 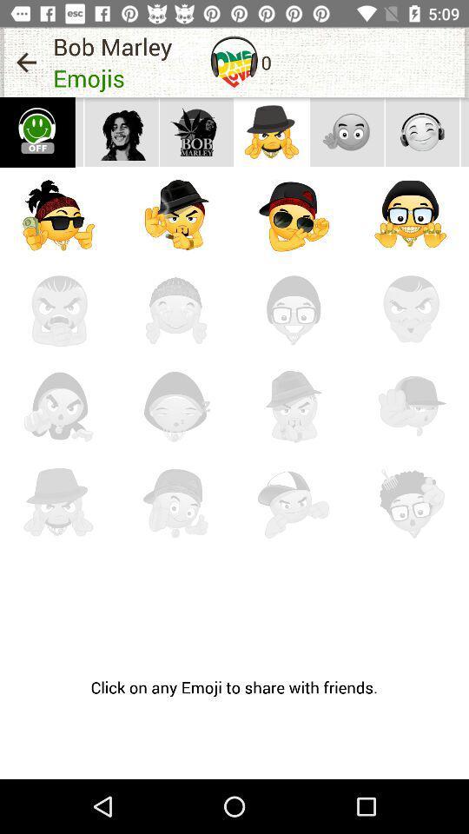 What do you see at coordinates (234, 62) in the screenshot?
I see `the item to the left of the 0 icon` at bounding box center [234, 62].